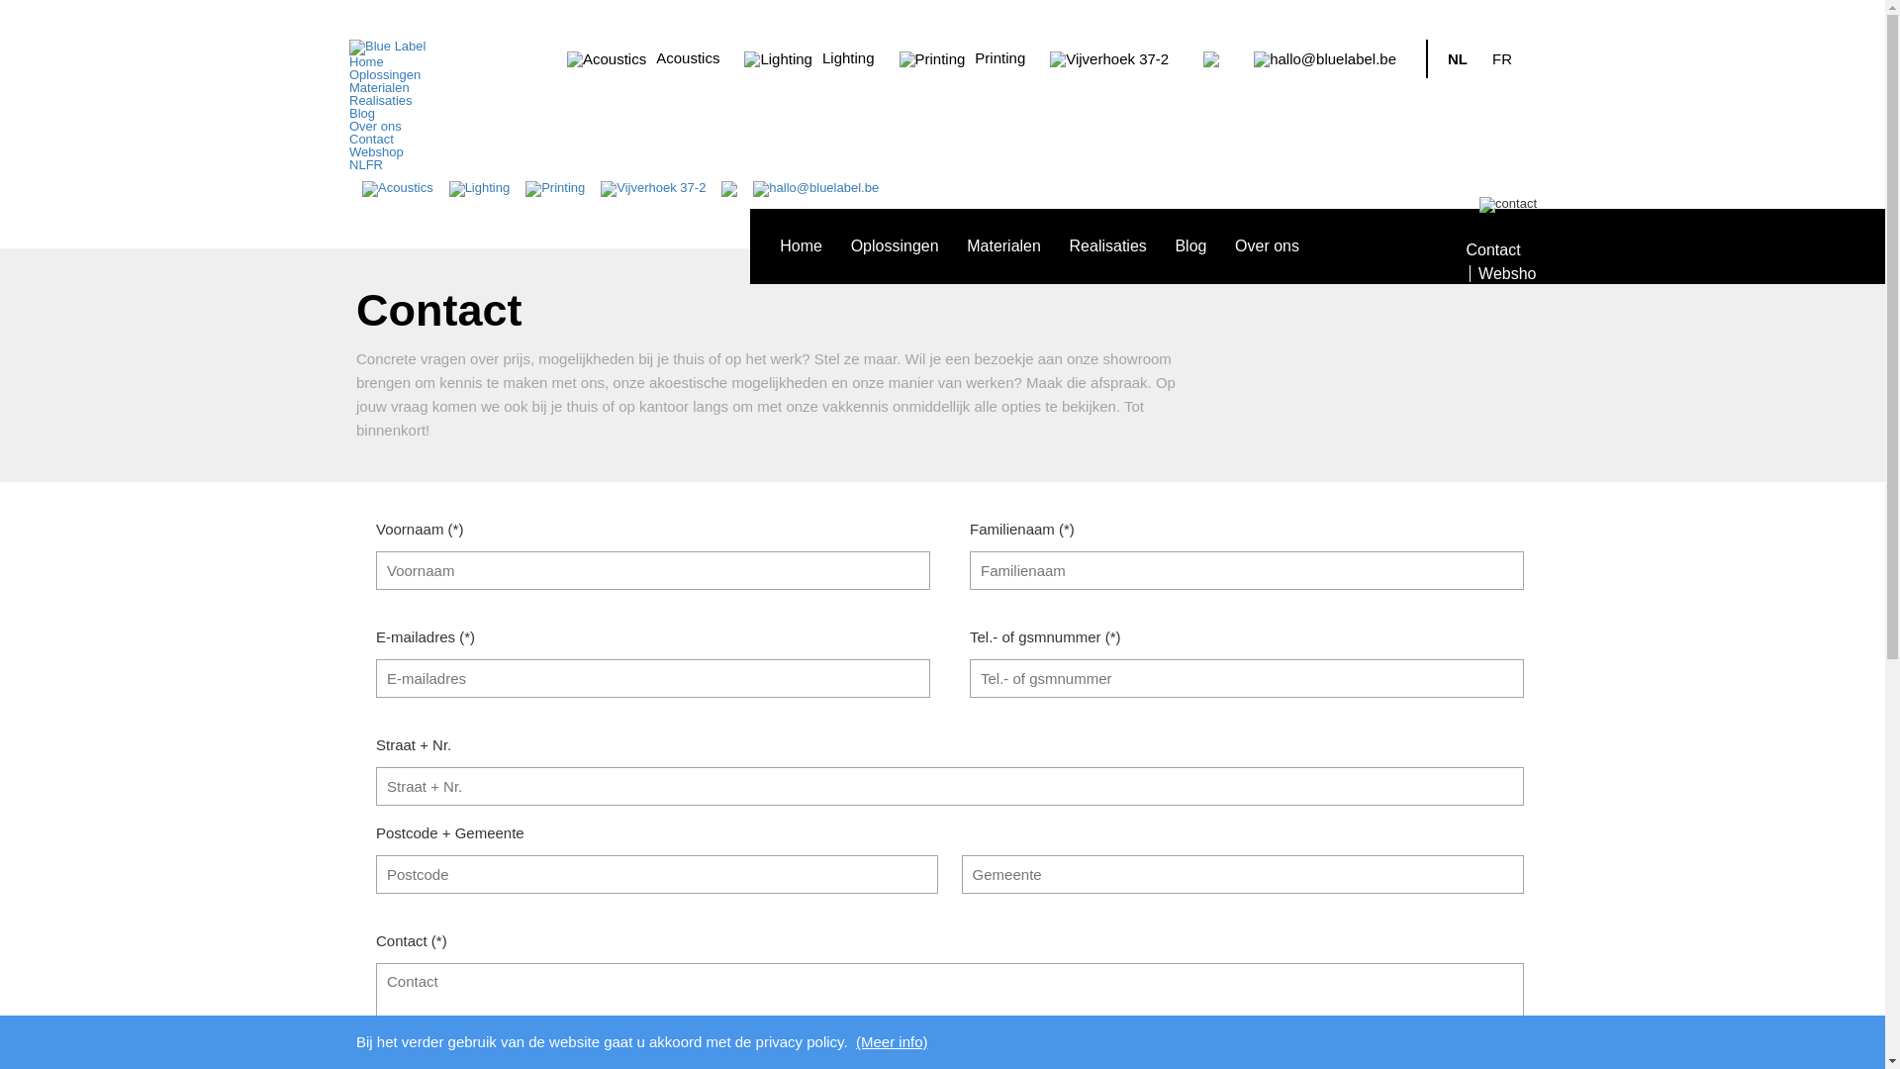  I want to click on 'Home', so click(366, 60).